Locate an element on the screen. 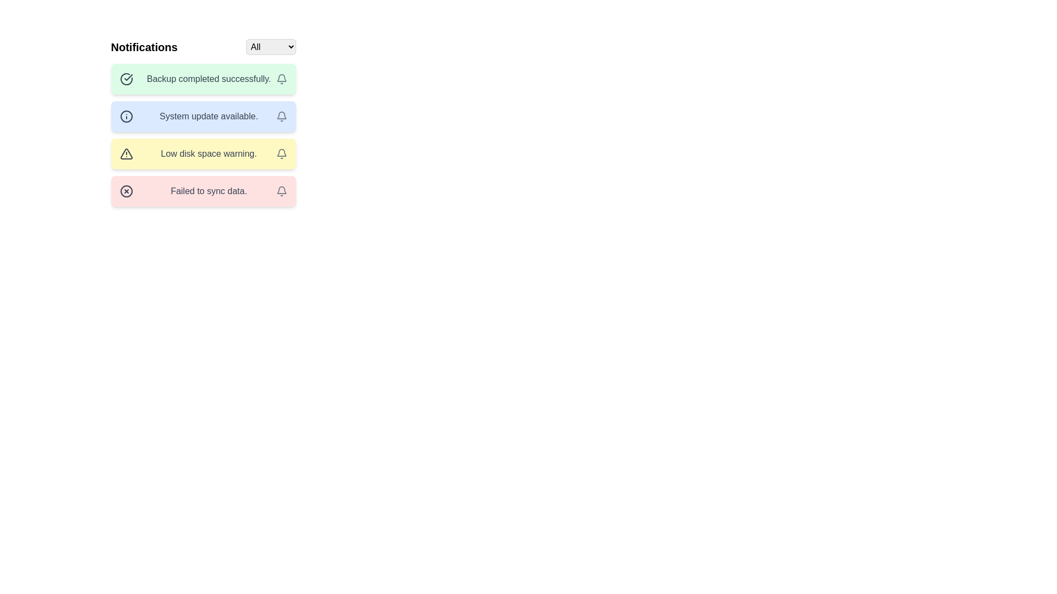 This screenshot has width=1057, height=594. the error icon located at the left side of the fourth notification box with a red background that indicates a critical failure related to the message 'Failed to sync data.' is located at coordinates (126, 190).